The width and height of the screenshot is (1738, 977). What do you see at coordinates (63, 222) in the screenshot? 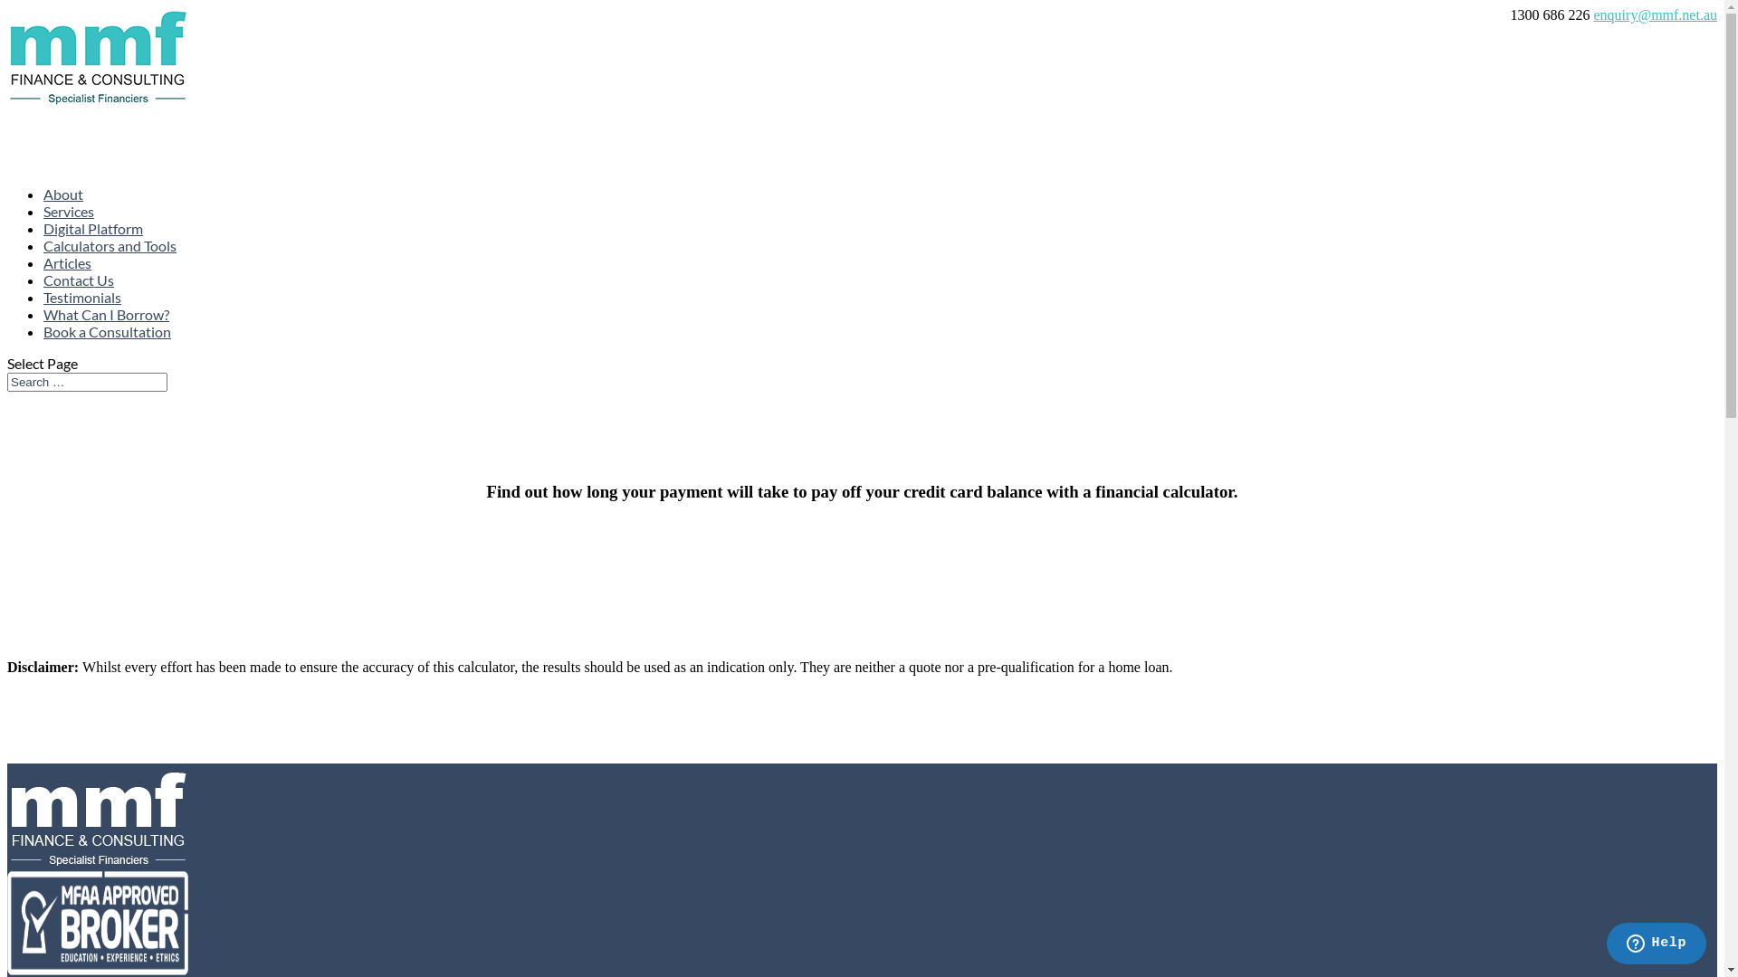
I see `'About'` at bounding box center [63, 222].